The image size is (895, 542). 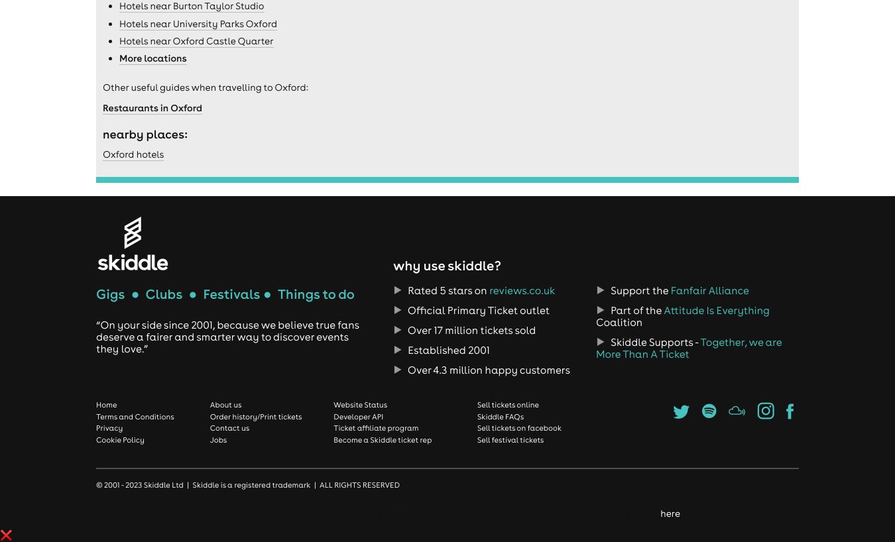 What do you see at coordinates (315, 294) in the screenshot?
I see `'Things to do'` at bounding box center [315, 294].